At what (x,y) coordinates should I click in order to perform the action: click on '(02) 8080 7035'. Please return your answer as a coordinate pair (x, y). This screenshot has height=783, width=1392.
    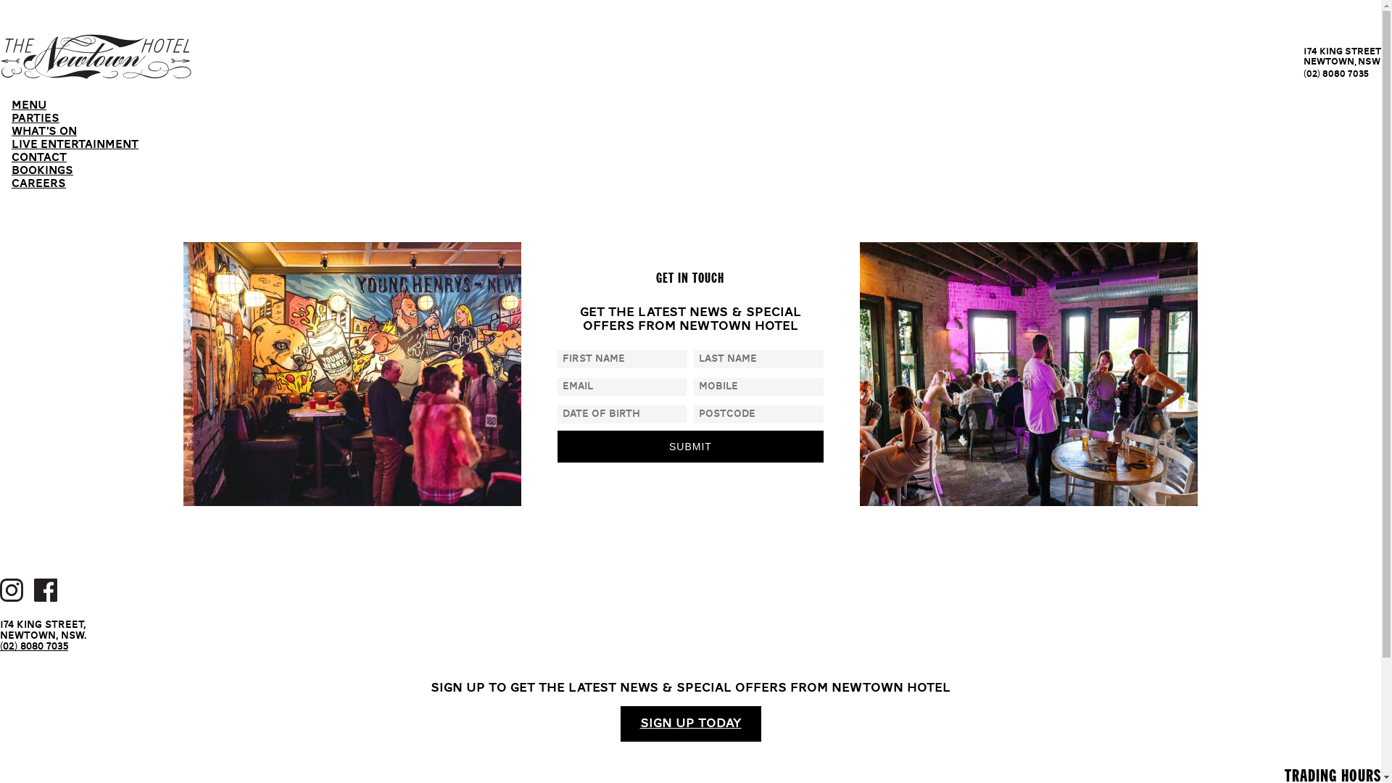
    Looking at the image, I should click on (34, 646).